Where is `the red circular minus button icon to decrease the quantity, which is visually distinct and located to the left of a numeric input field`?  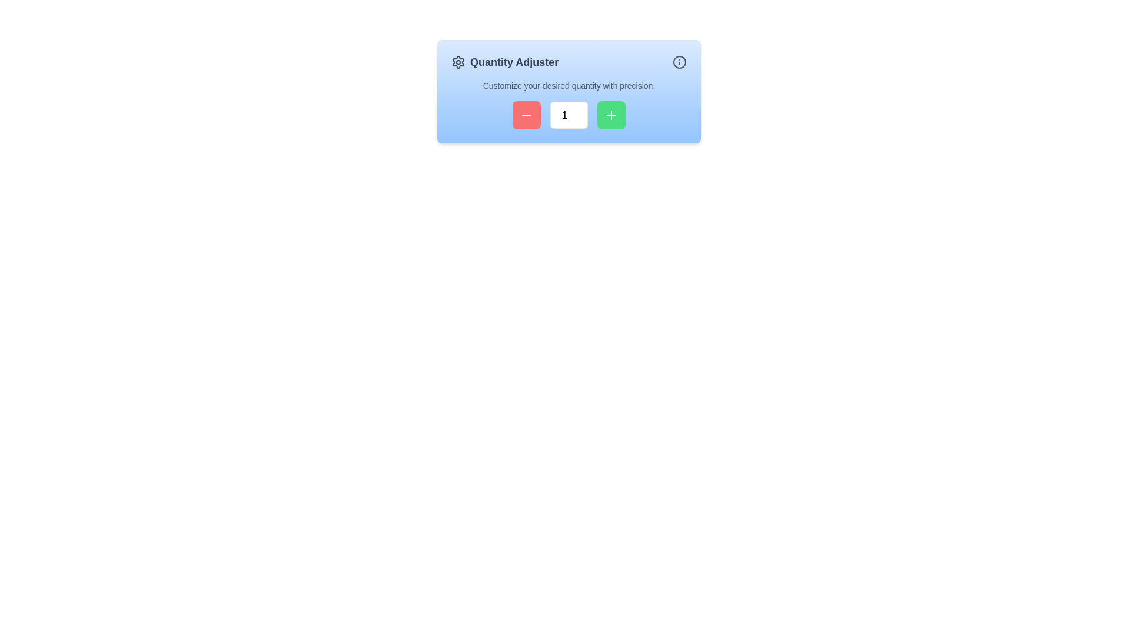 the red circular minus button icon to decrease the quantity, which is visually distinct and located to the left of a numeric input field is located at coordinates (526, 115).